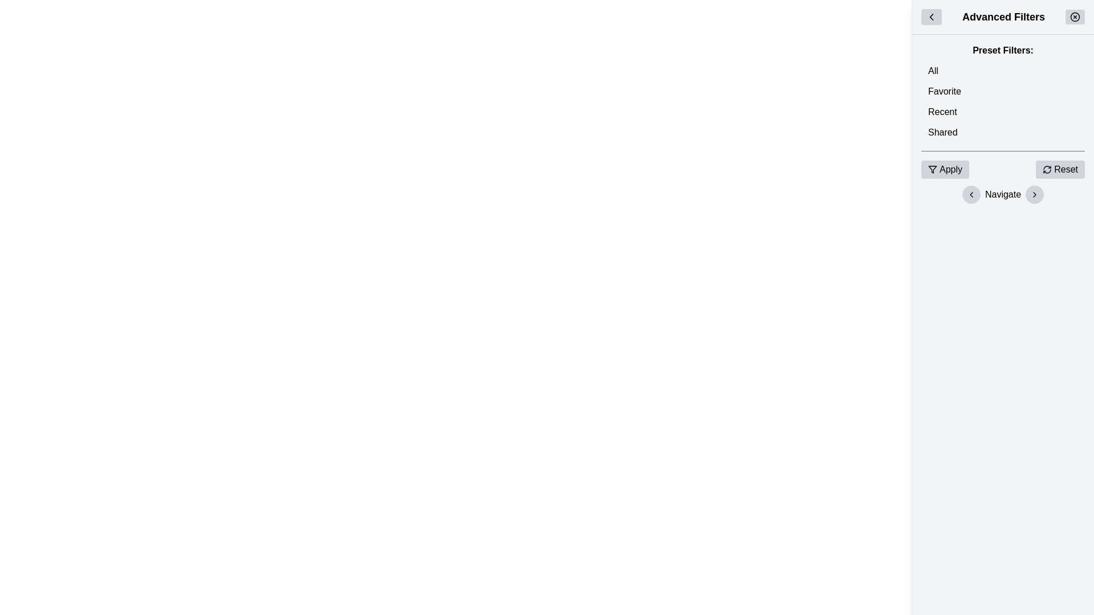  Describe the element at coordinates (1003, 91) in the screenshot. I see `the 'Favorite' button element, which is the second button in the list under 'Preset Filters' in the right panel of the interface` at that location.